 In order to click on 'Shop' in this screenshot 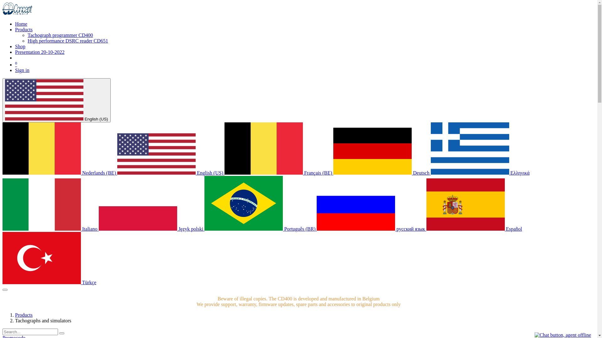, I will do `click(15, 46)`.